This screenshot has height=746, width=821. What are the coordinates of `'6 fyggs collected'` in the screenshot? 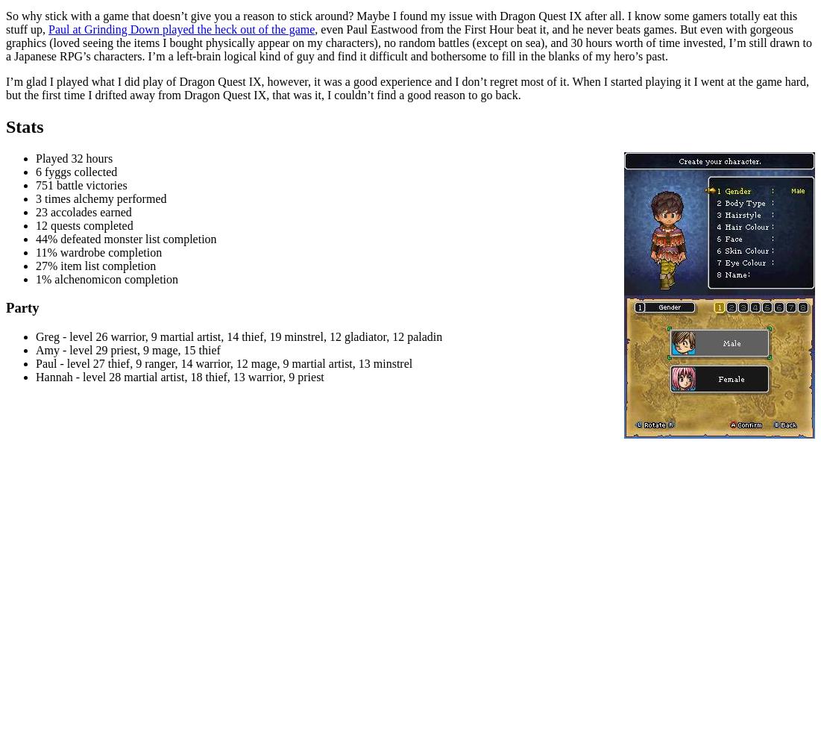 It's located at (76, 170).